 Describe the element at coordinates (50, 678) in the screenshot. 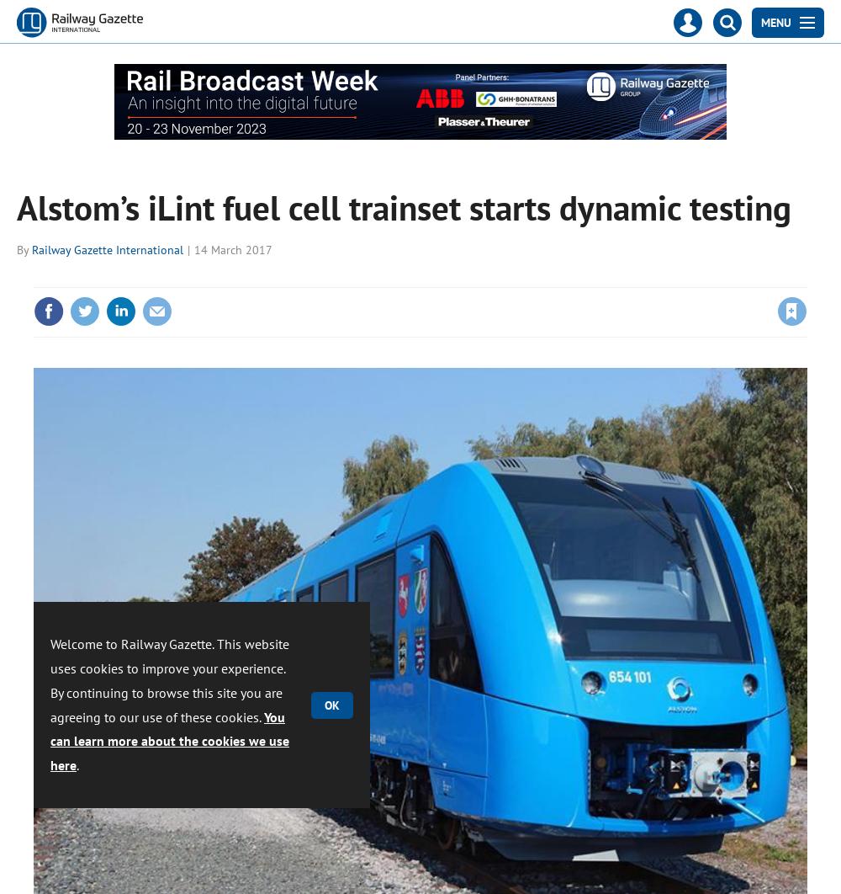

I see `'Welcome to Railway Gazette. This website uses cookies to improve your experience. By continuing to browse this site you are agreeing to our use of these cookies.'` at that location.